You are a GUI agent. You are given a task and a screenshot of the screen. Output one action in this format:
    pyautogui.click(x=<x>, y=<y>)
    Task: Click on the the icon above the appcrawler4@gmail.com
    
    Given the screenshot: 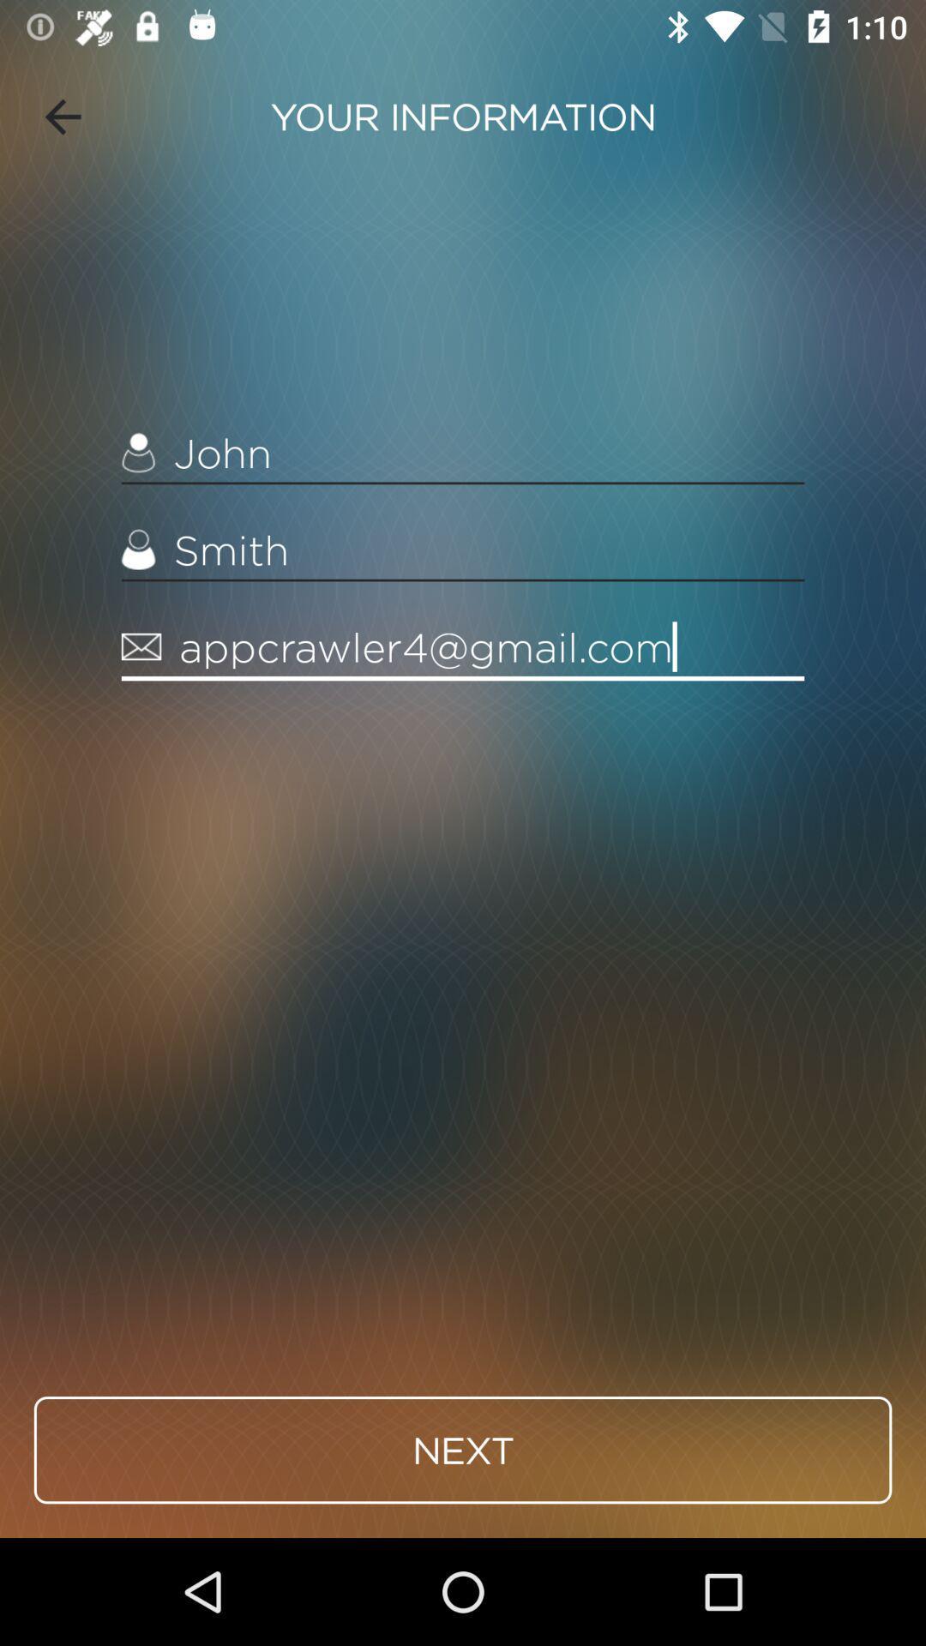 What is the action you would take?
    pyautogui.click(x=463, y=550)
    